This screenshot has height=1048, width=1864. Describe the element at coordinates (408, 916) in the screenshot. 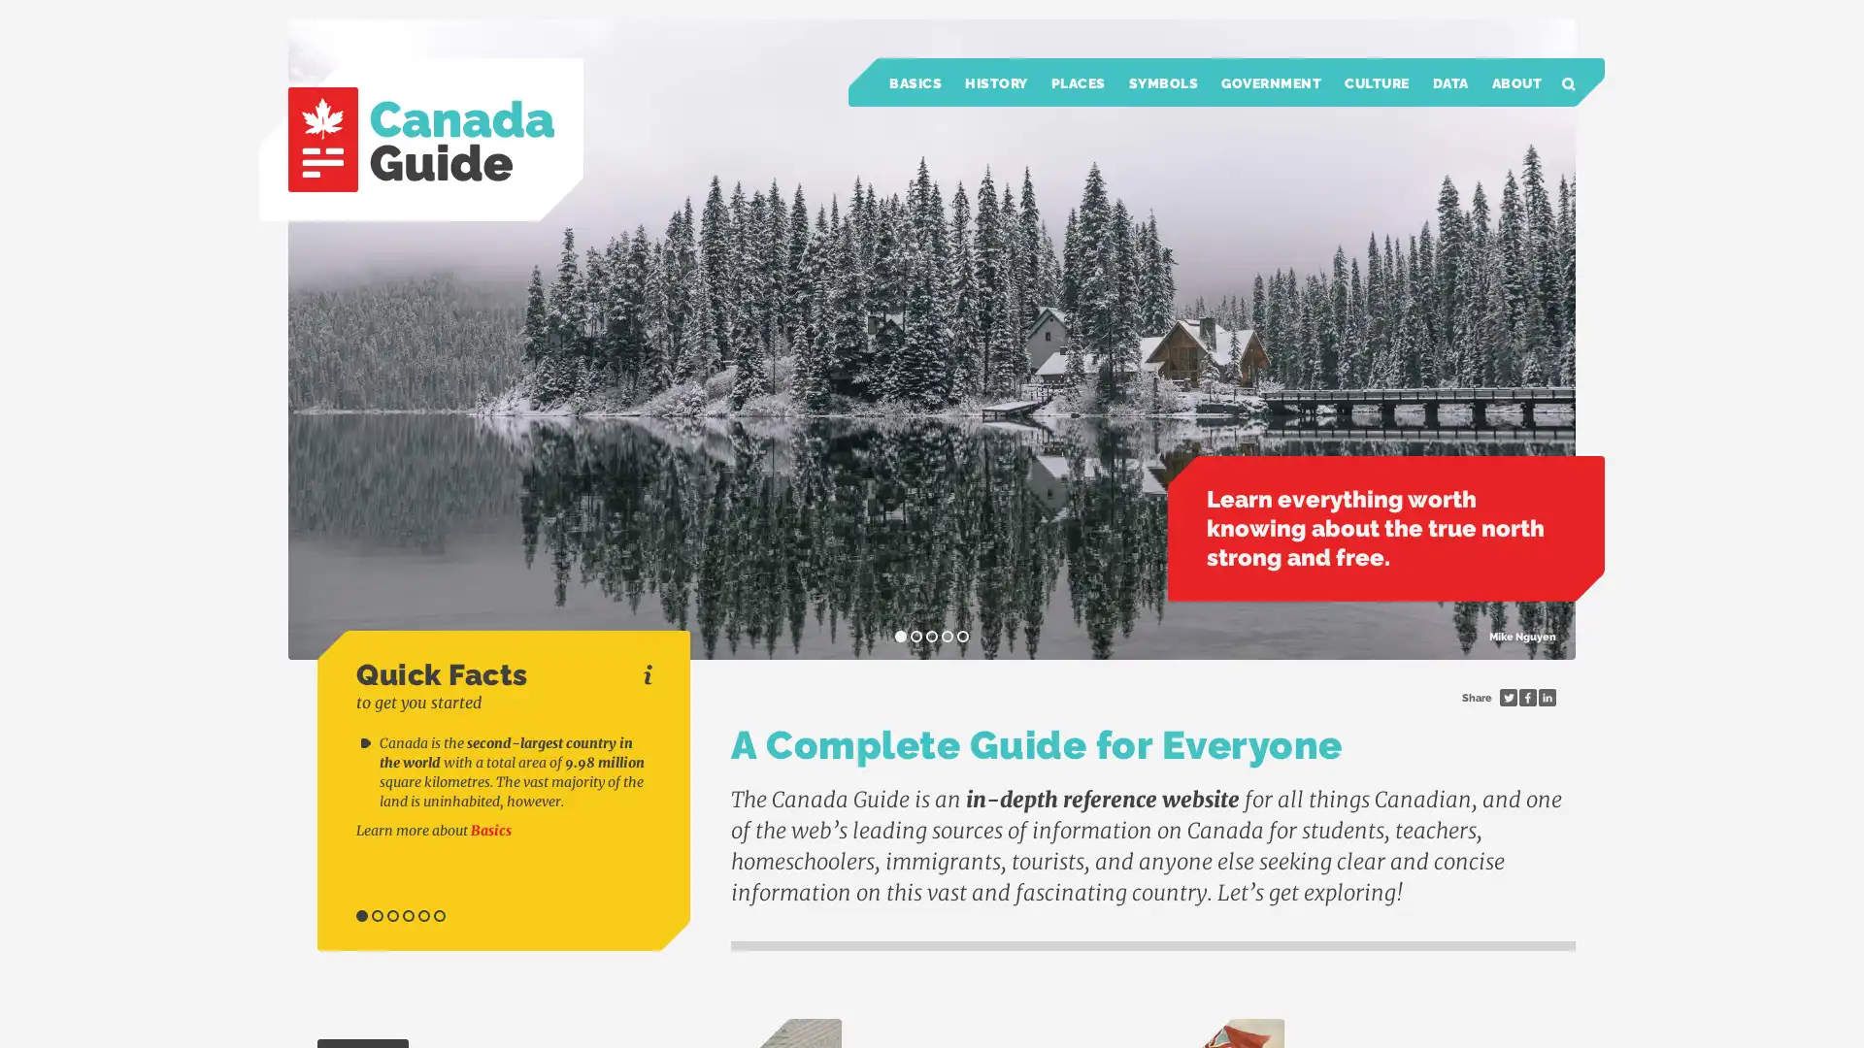

I see `Go to slide 4` at that location.